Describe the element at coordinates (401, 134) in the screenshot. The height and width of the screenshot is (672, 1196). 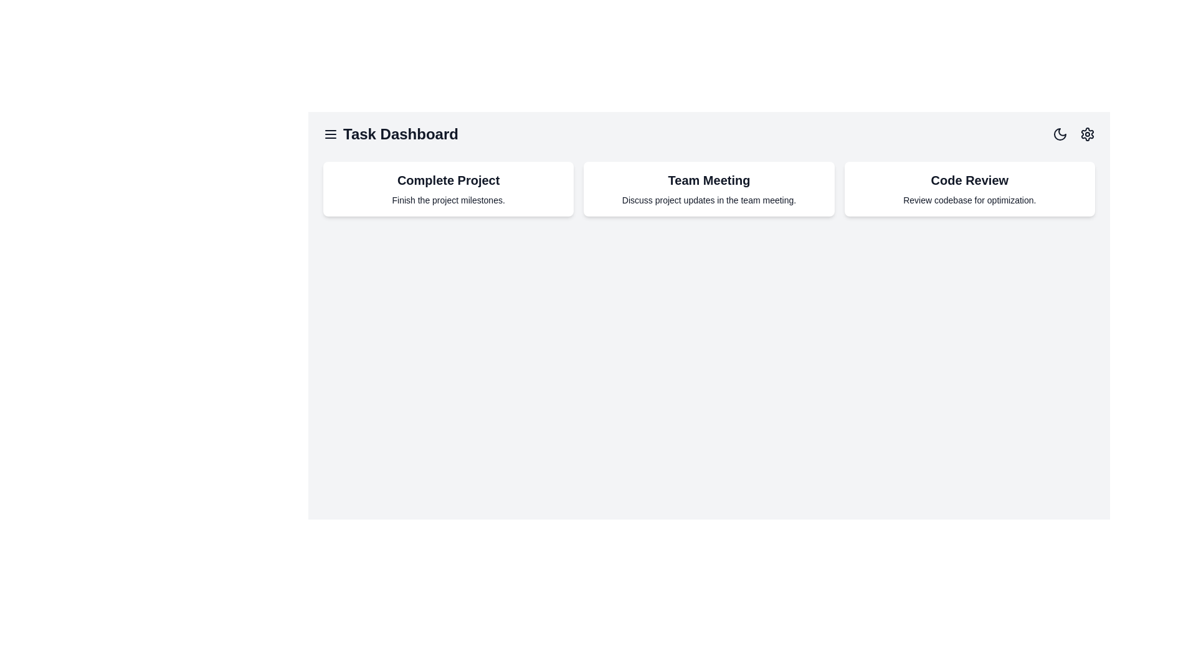
I see `Heading or Title Text that indicates the user is viewing the 'Task Dashboard' section of the interface, located to the right of the menu icon in the top-left region` at that location.